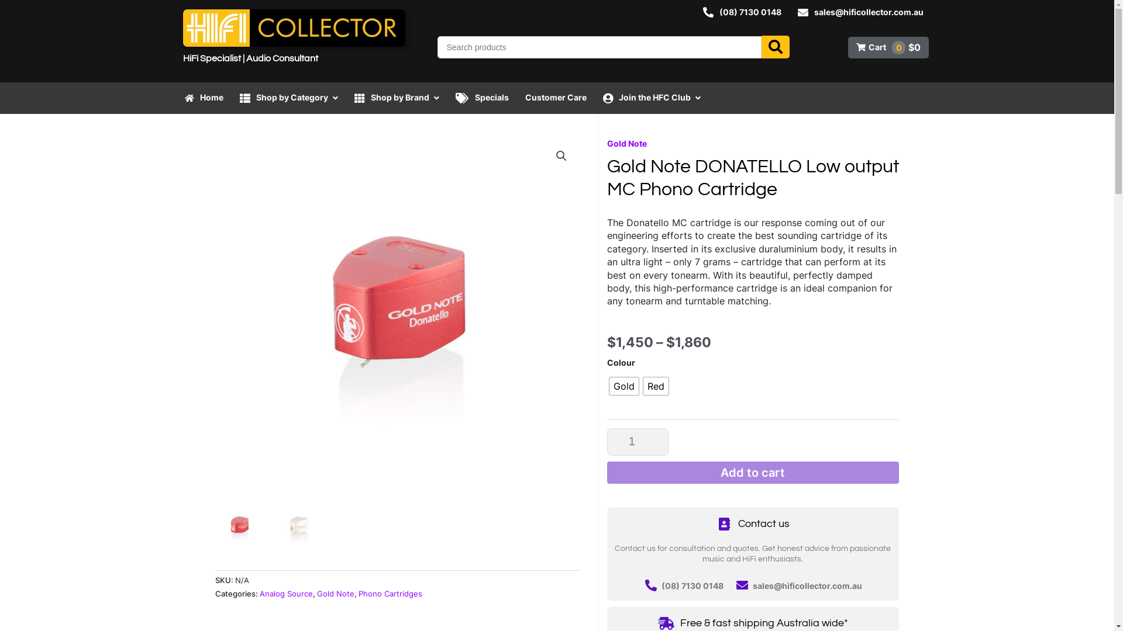 The height and width of the screenshot is (631, 1123). I want to click on 'Cart, so click(888, 47).